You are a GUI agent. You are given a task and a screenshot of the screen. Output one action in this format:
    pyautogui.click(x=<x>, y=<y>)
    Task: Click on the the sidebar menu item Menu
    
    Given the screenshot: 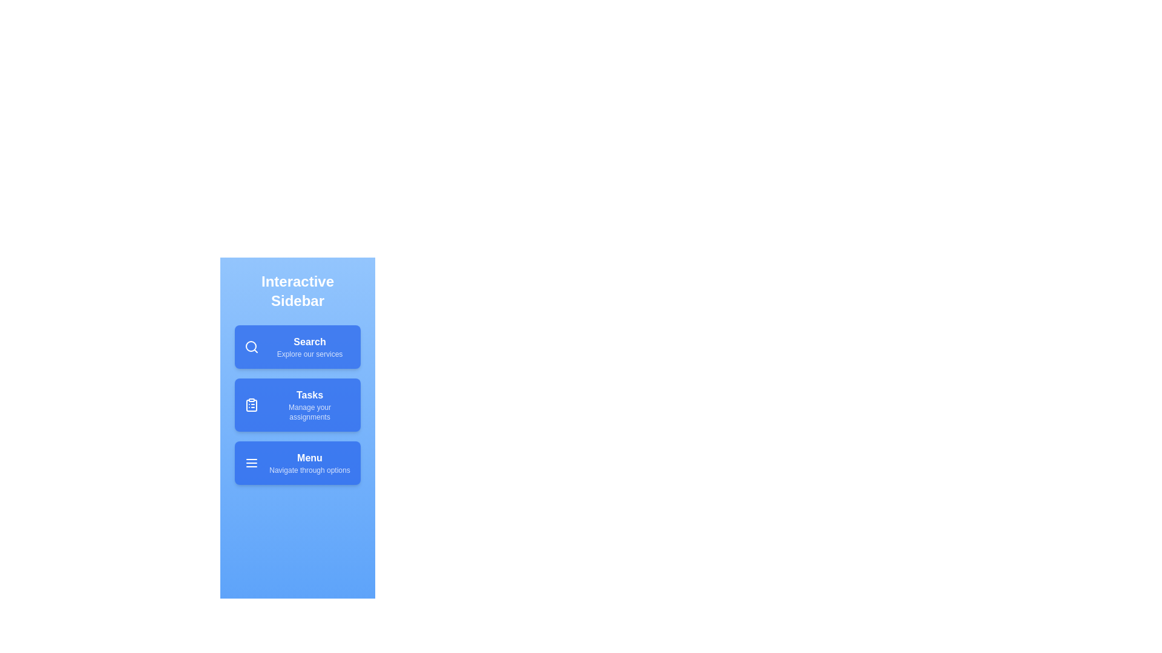 What is the action you would take?
    pyautogui.click(x=297, y=463)
    